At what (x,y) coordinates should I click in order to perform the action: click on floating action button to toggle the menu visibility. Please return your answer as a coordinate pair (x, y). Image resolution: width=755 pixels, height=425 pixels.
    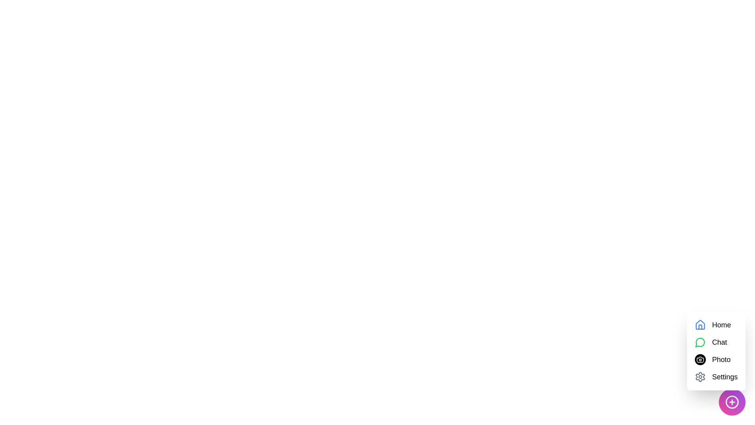
    Looking at the image, I should click on (732, 402).